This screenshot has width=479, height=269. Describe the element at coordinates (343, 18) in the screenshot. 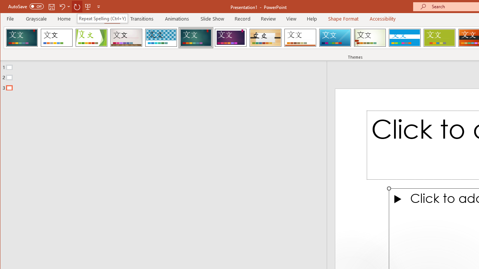

I see `'Shape Format'` at that location.